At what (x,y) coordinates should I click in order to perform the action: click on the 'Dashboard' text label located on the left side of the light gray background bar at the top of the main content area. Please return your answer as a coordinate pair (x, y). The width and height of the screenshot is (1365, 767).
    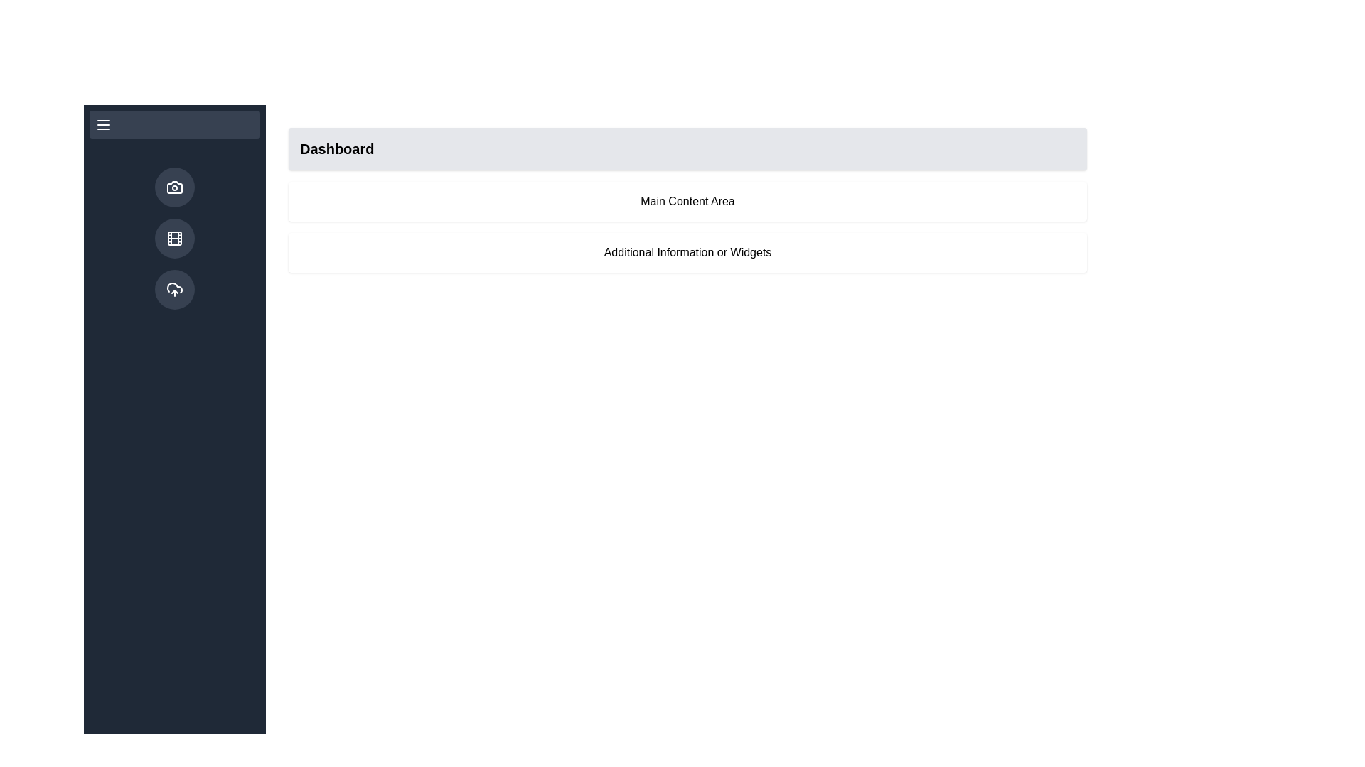
    Looking at the image, I should click on (336, 148).